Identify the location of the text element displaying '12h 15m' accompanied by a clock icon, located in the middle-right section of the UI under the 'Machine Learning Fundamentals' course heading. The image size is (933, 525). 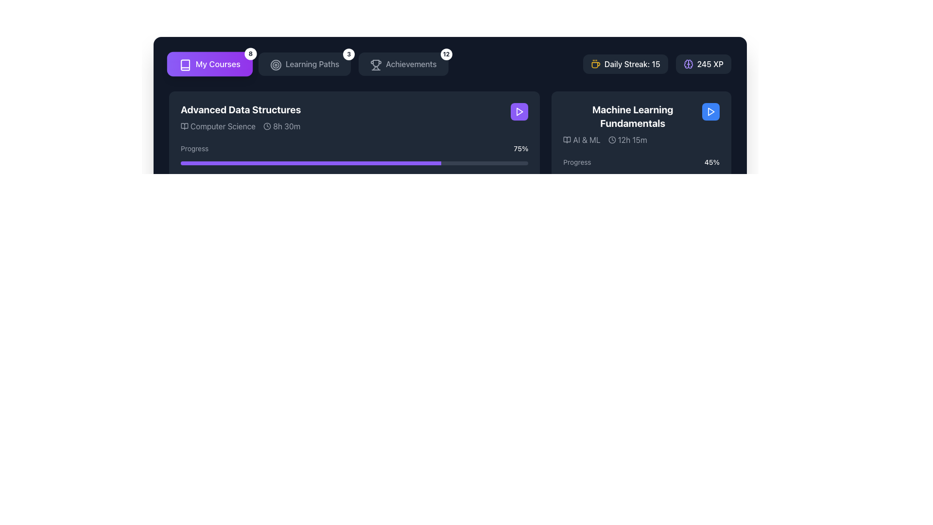
(627, 140).